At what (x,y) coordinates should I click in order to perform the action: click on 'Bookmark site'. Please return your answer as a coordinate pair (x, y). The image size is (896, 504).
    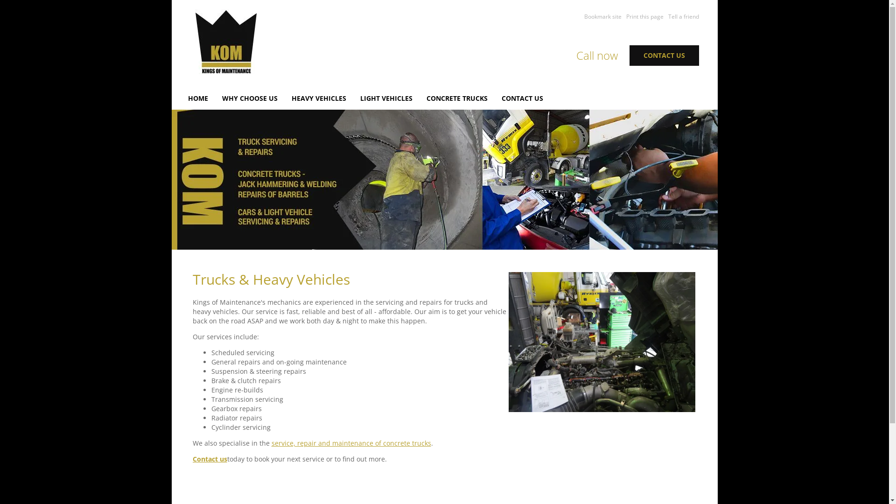
    Looking at the image, I should click on (600, 16).